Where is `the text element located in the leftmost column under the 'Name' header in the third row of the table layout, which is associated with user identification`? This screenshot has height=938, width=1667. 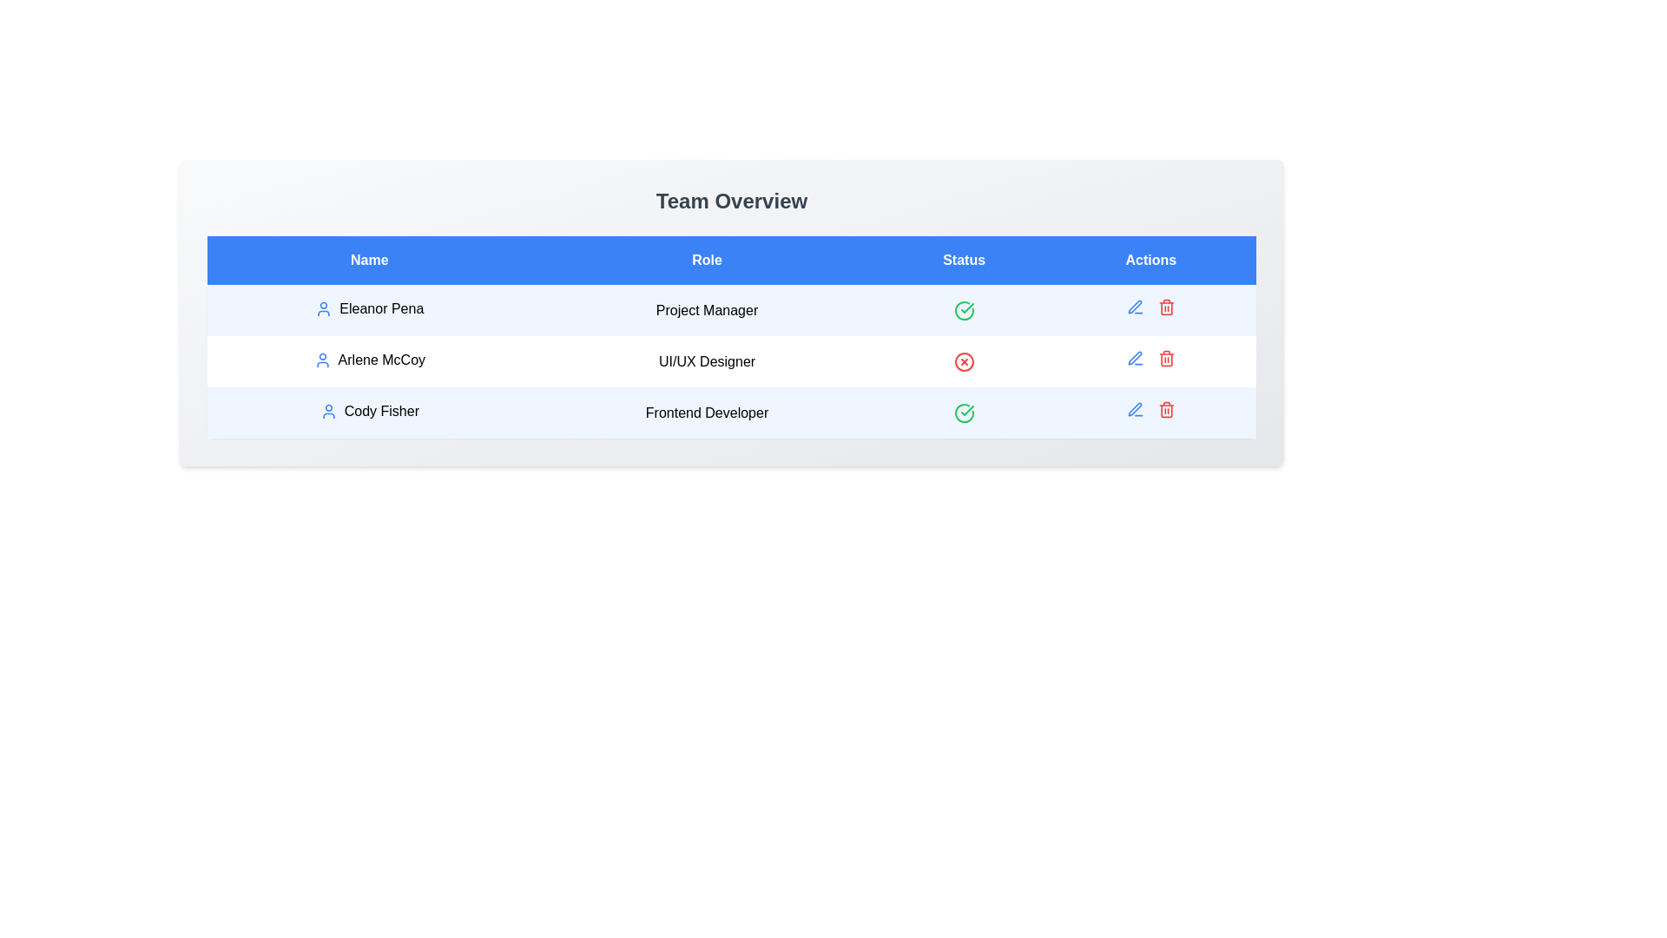 the text element located in the leftmost column under the 'Name' header in the third row of the table layout, which is associated with user identification is located at coordinates (368, 412).